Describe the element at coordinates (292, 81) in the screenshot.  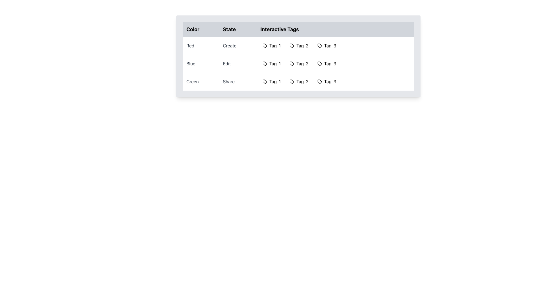
I see `the appearance of the 'Tag-2' icon, which represents the 'Green' category in the 'Interactive Tags' section located in the third row and second column of the table` at that location.